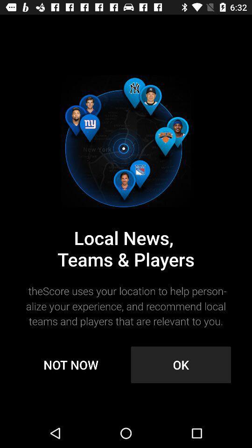  I want to click on icon next to the ok icon, so click(70, 364).